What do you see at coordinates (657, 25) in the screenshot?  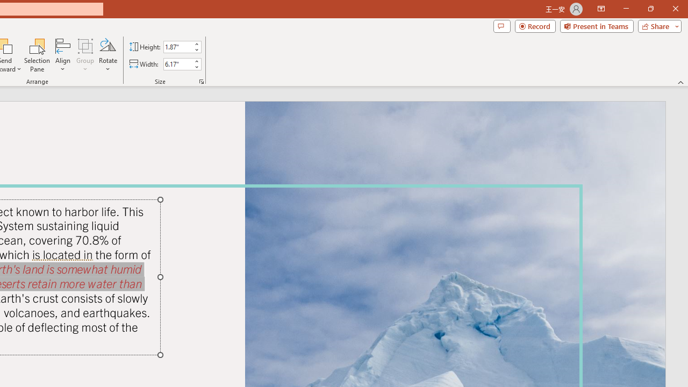 I see `'Share'` at bounding box center [657, 25].